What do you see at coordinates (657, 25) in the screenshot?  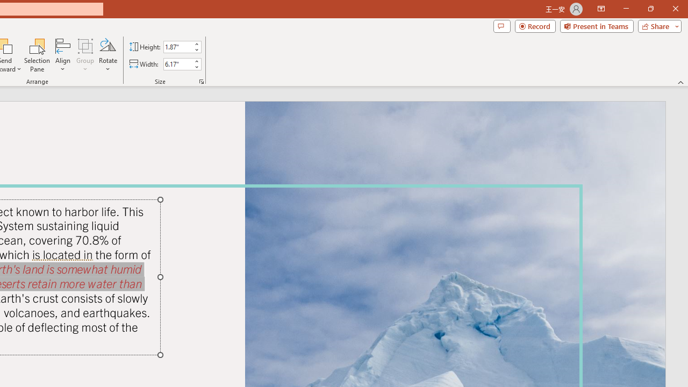 I see `'Share'` at bounding box center [657, 25].